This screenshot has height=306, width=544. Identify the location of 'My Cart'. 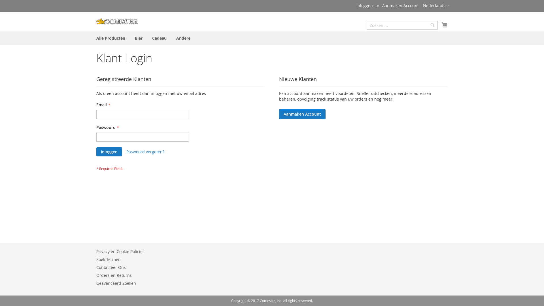
(444, 24).